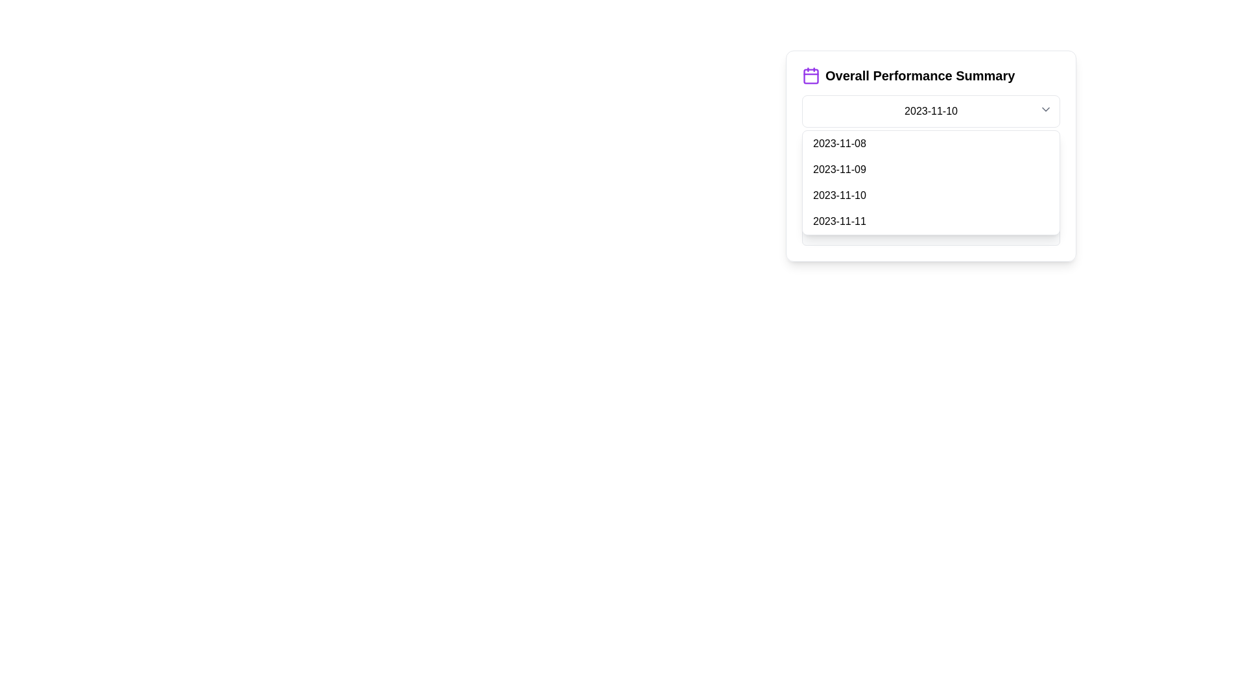 The width and height of the screenshot is (1245, 700). What do you see at coordinates (930, 144) in the screenshot?
I see `the button displaying '2023-11-08'` at bounding box center [930, 144].